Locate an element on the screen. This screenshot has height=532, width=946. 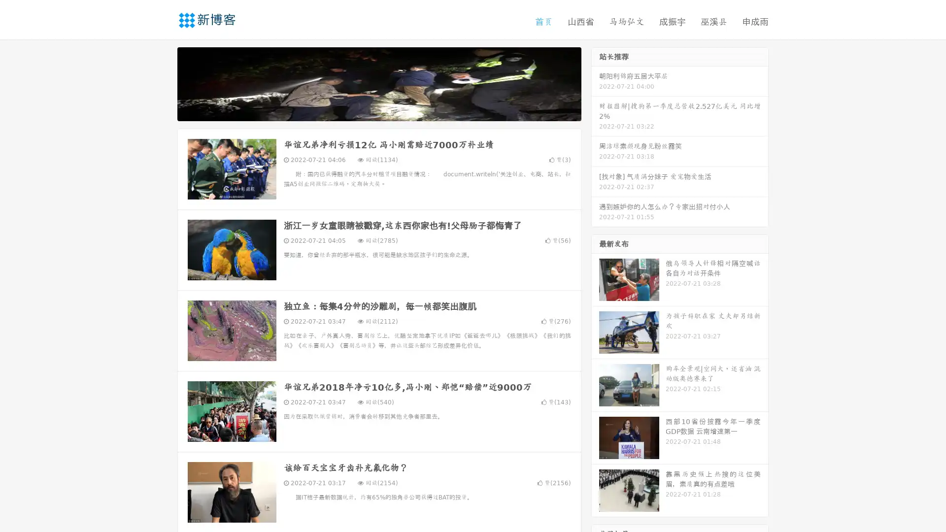
Go to slide 2 is located at coordinates (378, 111).